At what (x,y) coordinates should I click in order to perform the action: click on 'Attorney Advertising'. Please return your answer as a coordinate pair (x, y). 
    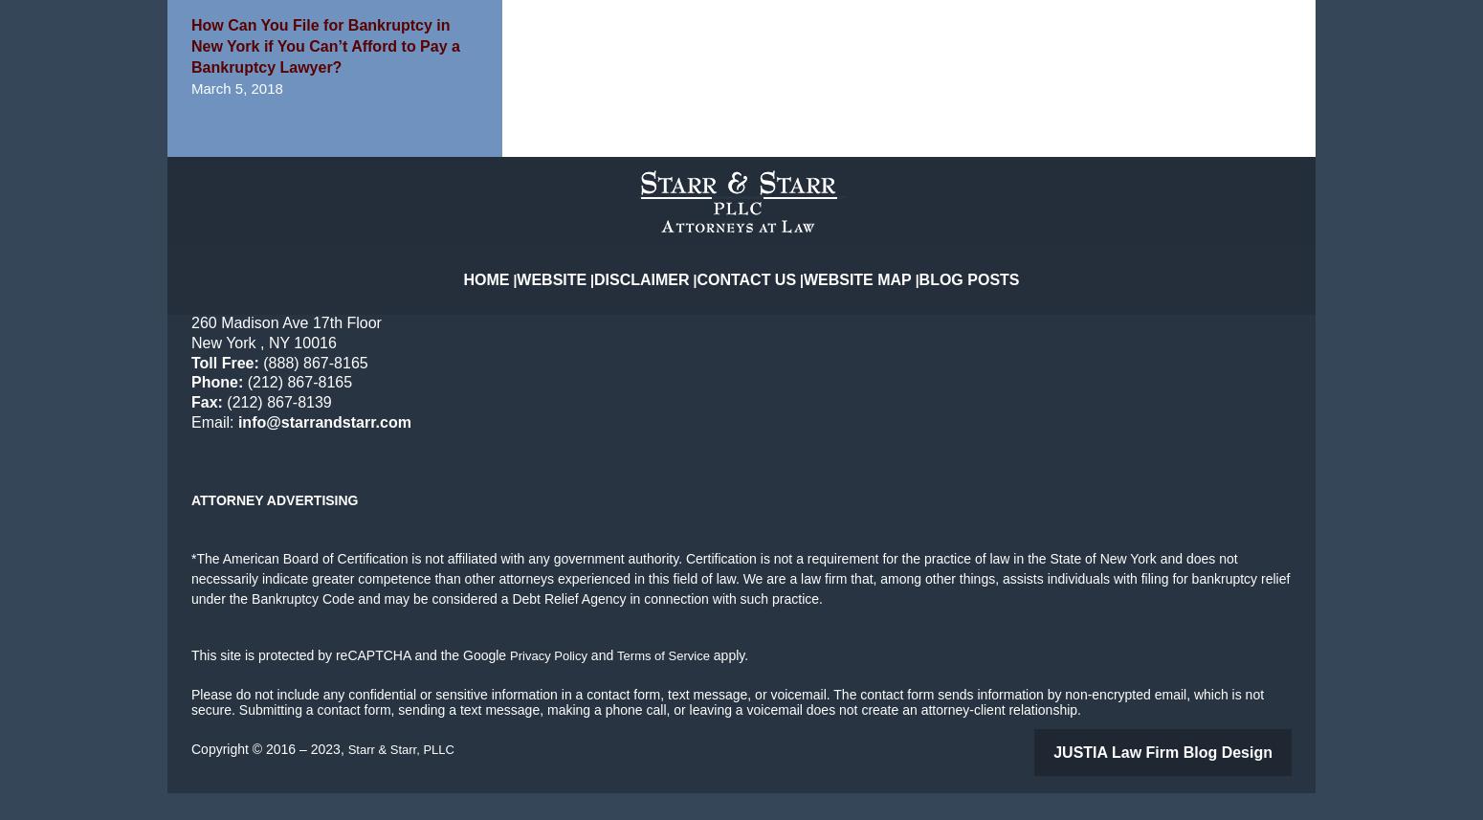
    Looking at the image, I should click on (275, 529).